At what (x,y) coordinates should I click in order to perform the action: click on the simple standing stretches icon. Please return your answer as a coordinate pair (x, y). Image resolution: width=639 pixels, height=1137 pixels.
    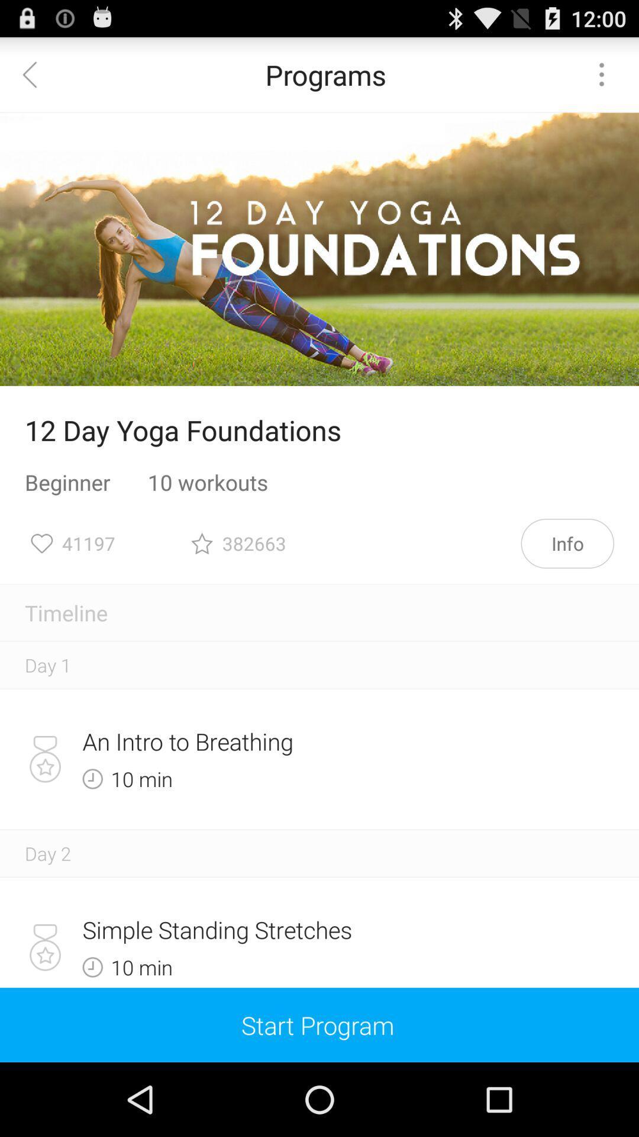
    Looking at the image, I should click on (278, 929).